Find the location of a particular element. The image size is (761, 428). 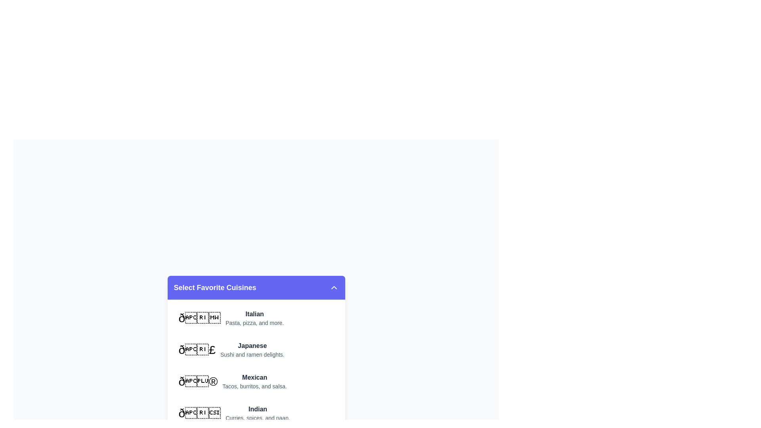

the horizontally aligned list item that displays the emoji and the bolded text 'Japanese' with a description 'Sushi and ramen delights.' to change its background color is located at coordinates (256, 349).